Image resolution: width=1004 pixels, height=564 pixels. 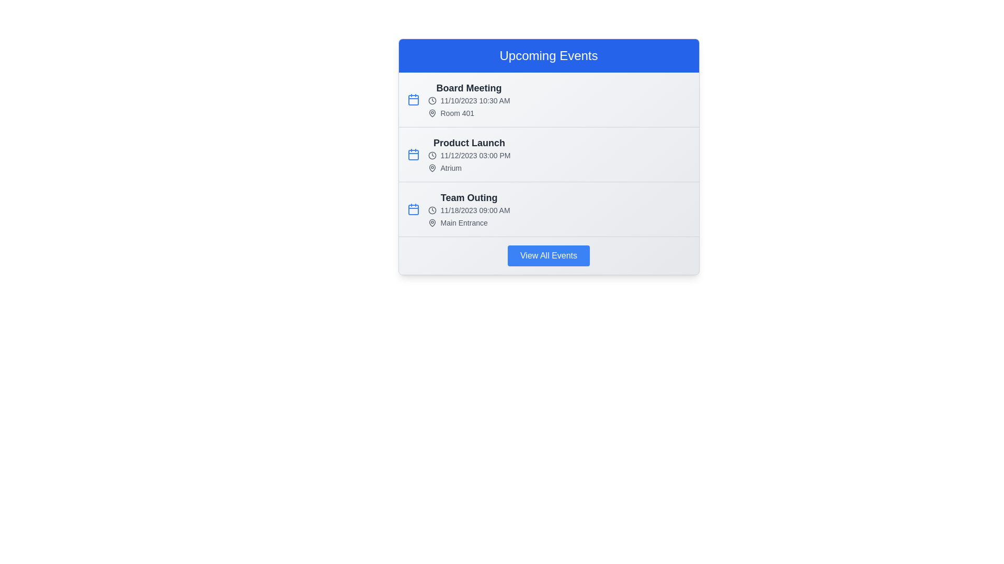 I want to click on the decorative SVG Circle that represents the outer boundary of the clock icon in the Upcoming Events section, so click(x=432, y=210).